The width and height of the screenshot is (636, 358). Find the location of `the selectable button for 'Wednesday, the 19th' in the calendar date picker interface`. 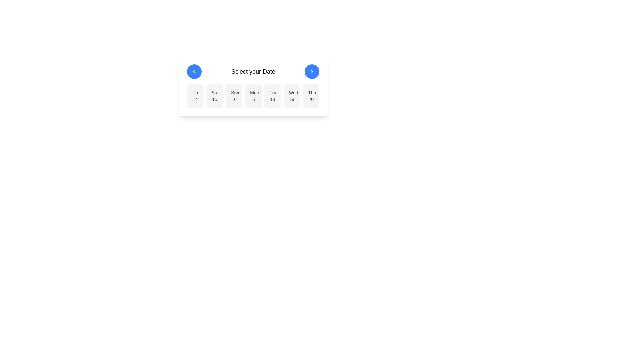

the selectable button for 'Wednesday, the 19th' in the calendar date picker interface is located at coordinates (291, 96).